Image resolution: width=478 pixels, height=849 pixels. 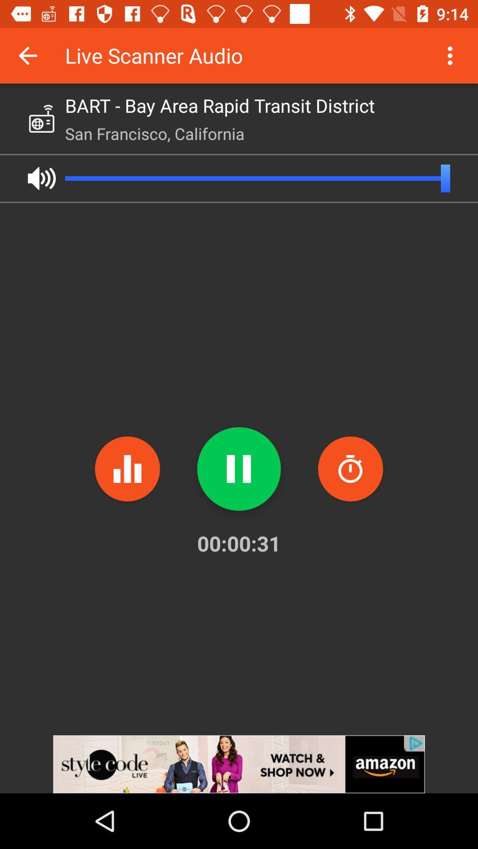 What do you see at coordinates (42, 178) in the screenshot?
I see `volume` at bounding box center [42, 178].